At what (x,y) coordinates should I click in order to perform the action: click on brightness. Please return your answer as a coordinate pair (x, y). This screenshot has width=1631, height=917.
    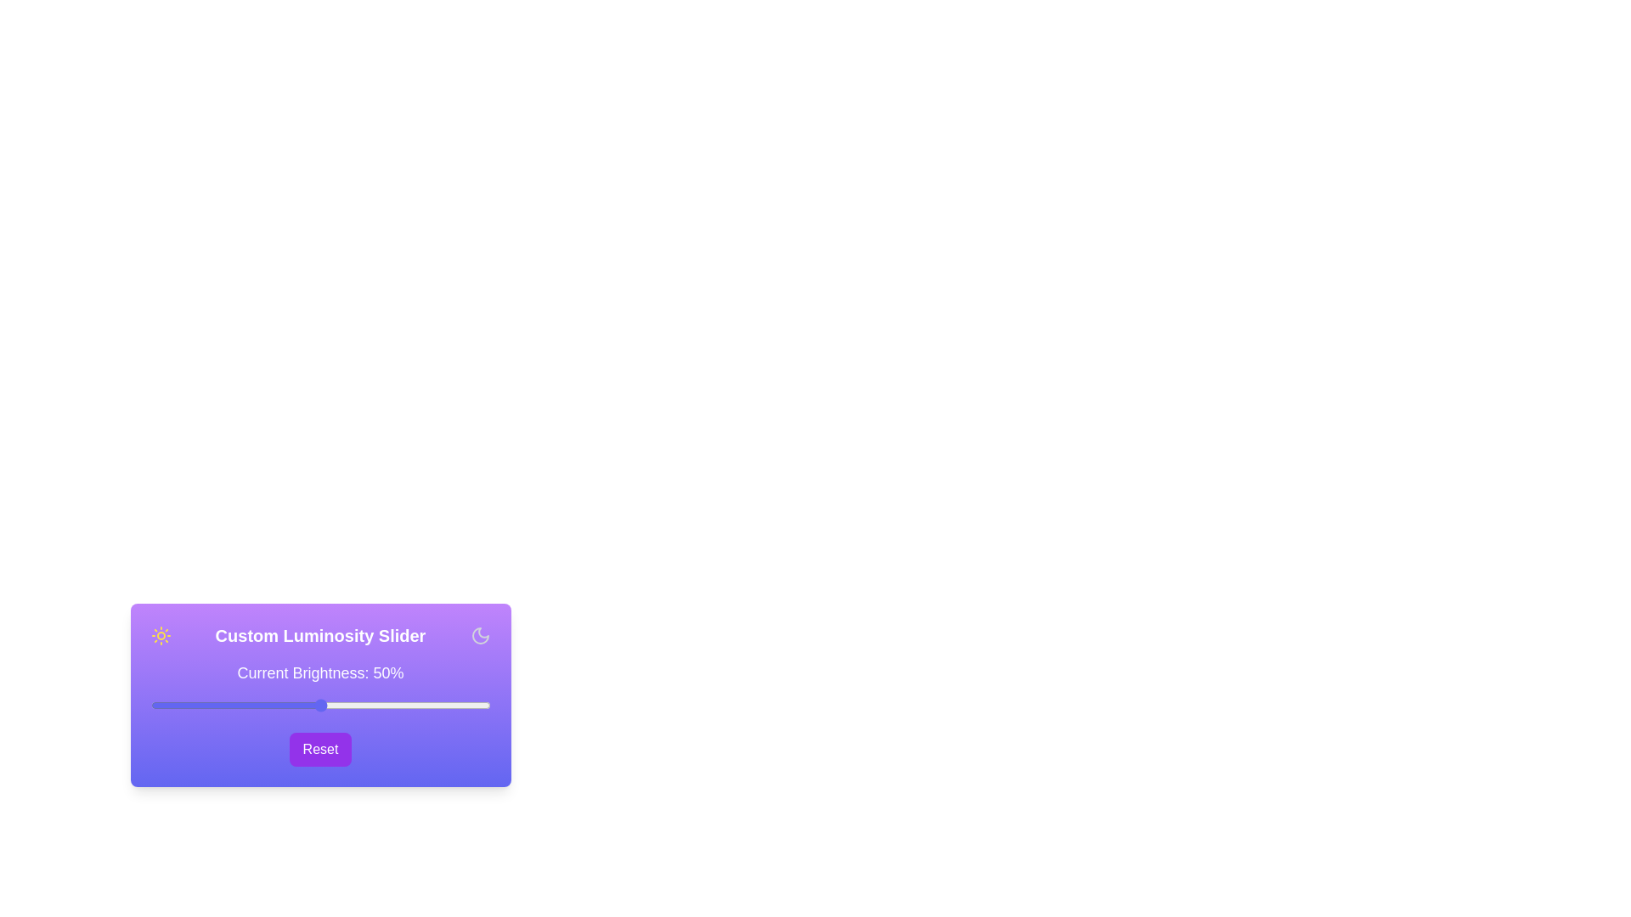
    Looking at the image, I should click on (476, 705).